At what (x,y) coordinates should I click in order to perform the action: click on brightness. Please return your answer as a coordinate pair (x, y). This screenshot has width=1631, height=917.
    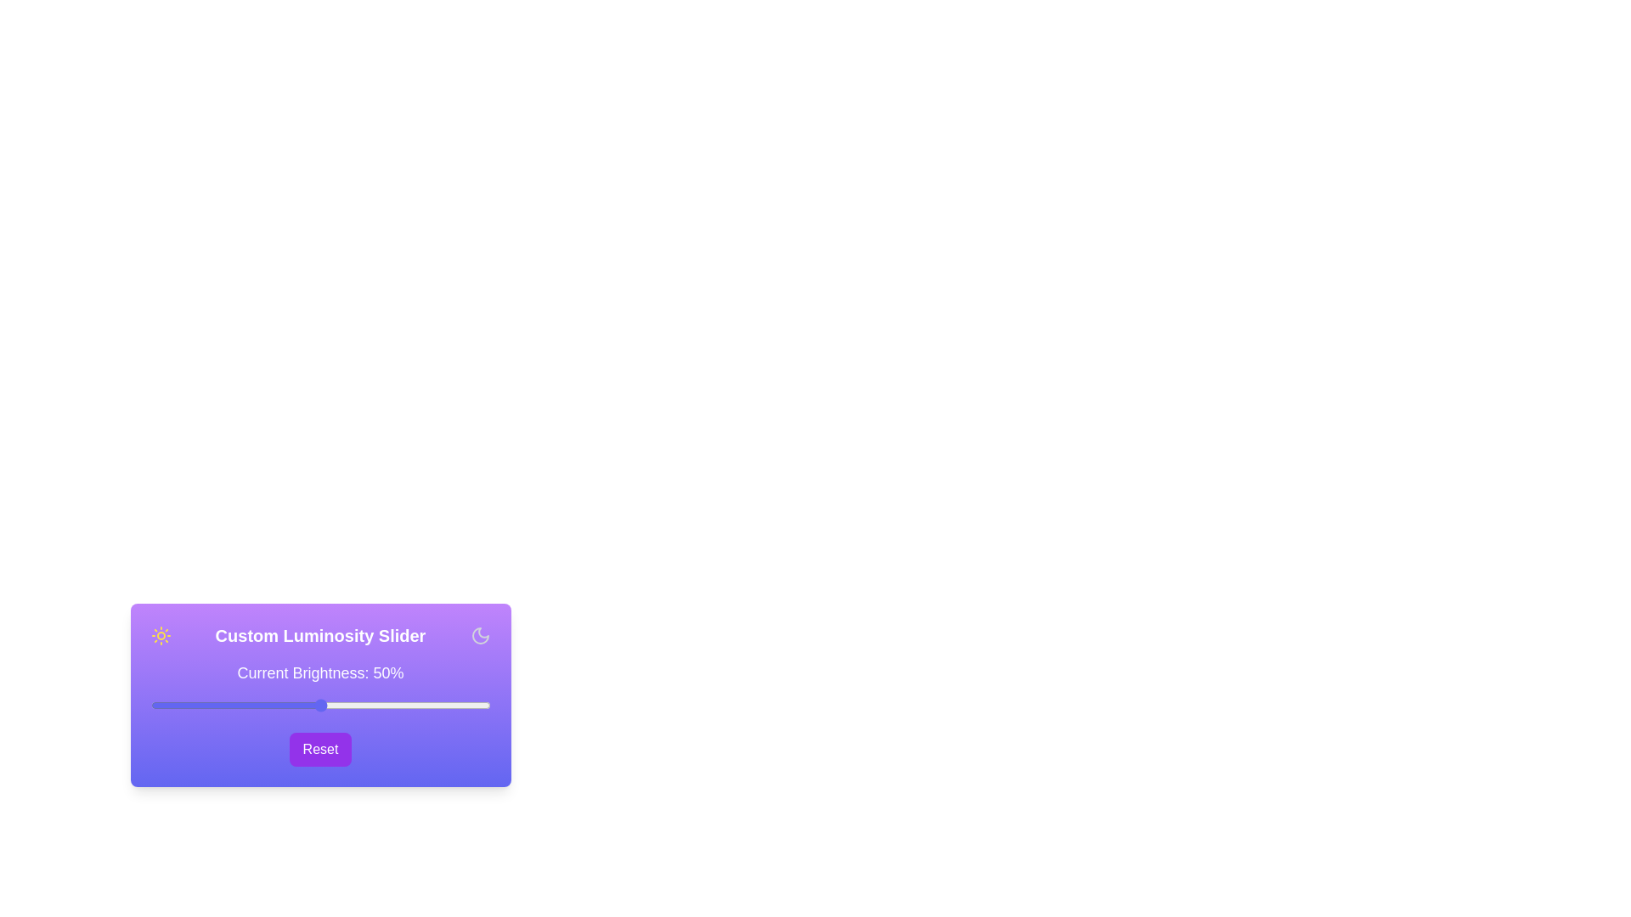
    Looking at the image, I should click on (476, 705).